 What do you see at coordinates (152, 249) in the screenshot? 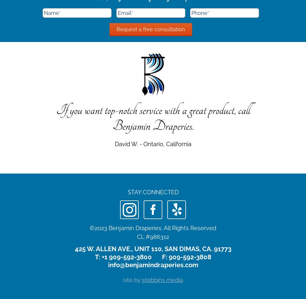
I see `'425 W. Allen Ave., Unit 110, San Dimas, CA. 91773'` at bounding box center [152, 249].